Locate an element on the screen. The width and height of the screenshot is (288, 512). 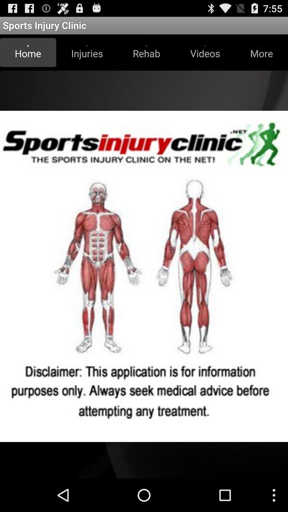
the icon next to injuries item is located at coordinates (146, 52).